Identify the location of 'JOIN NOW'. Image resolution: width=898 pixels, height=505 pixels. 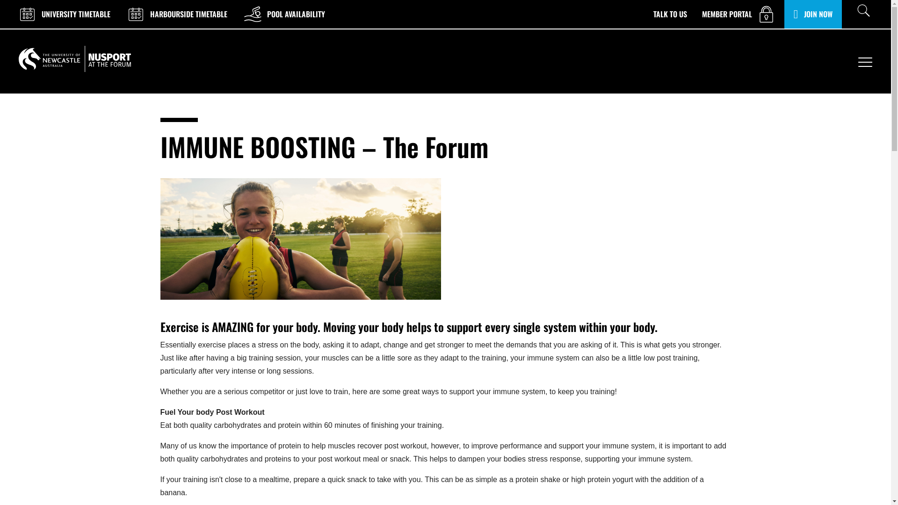
(793, 14).